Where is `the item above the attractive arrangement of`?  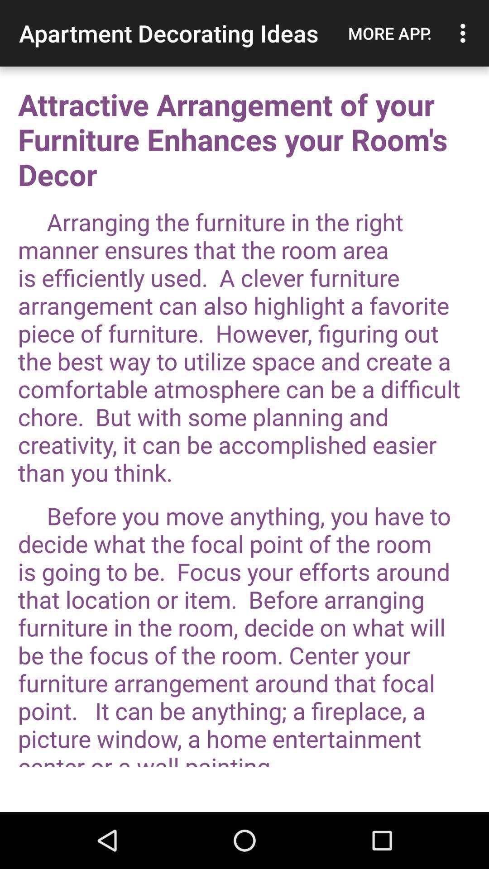
the item above the attractive arrangement of is located at coordinates (465, 33).